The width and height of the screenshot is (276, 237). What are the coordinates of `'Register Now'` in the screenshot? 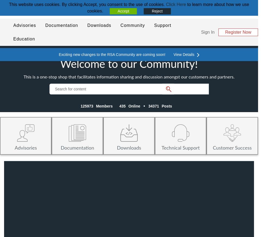 It's located at (238, 32).